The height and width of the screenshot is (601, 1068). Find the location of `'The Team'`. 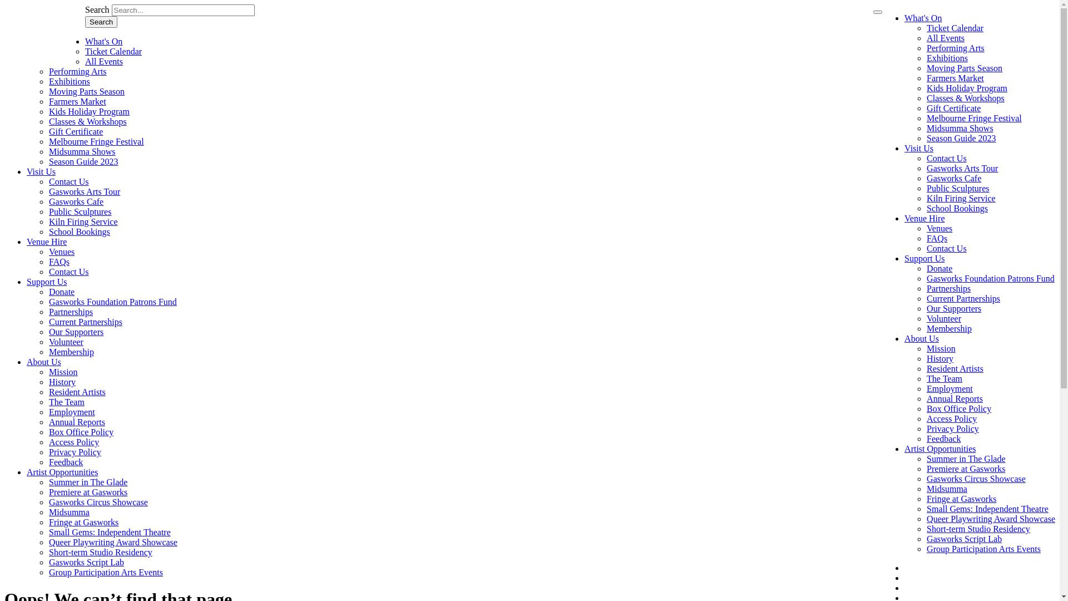

'The Team' is located at coordinates (66, 402).